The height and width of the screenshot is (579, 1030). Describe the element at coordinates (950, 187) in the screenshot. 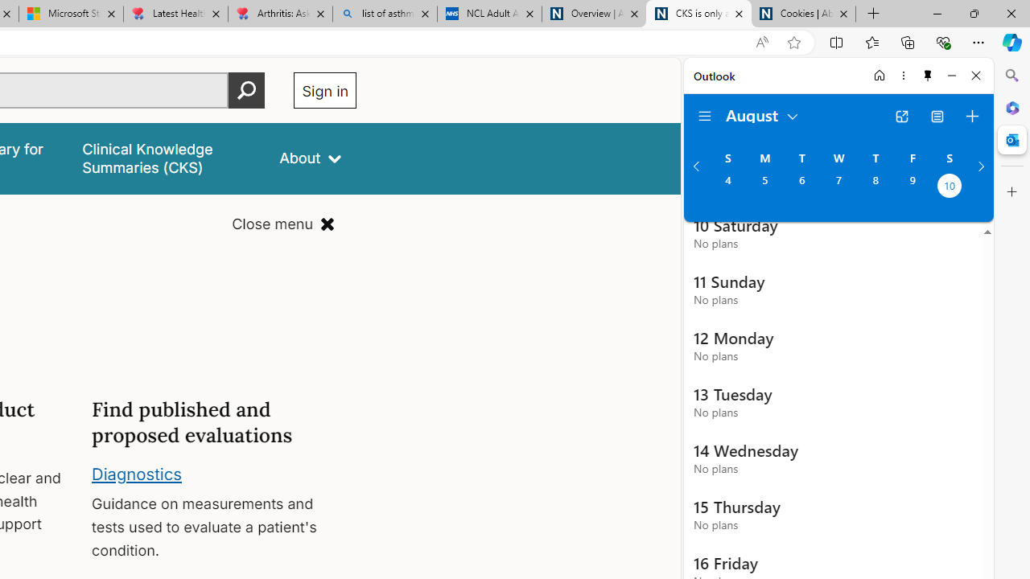

I see `'Saturday, August 10, 2024. Date selected. '` at that location.